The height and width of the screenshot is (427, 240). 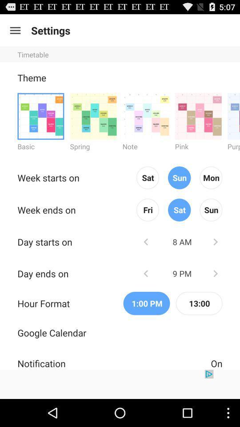 What do you see at coordinates (215, 242) in the screenshot?
I see `increase hour` at bounding box center [215, 242].